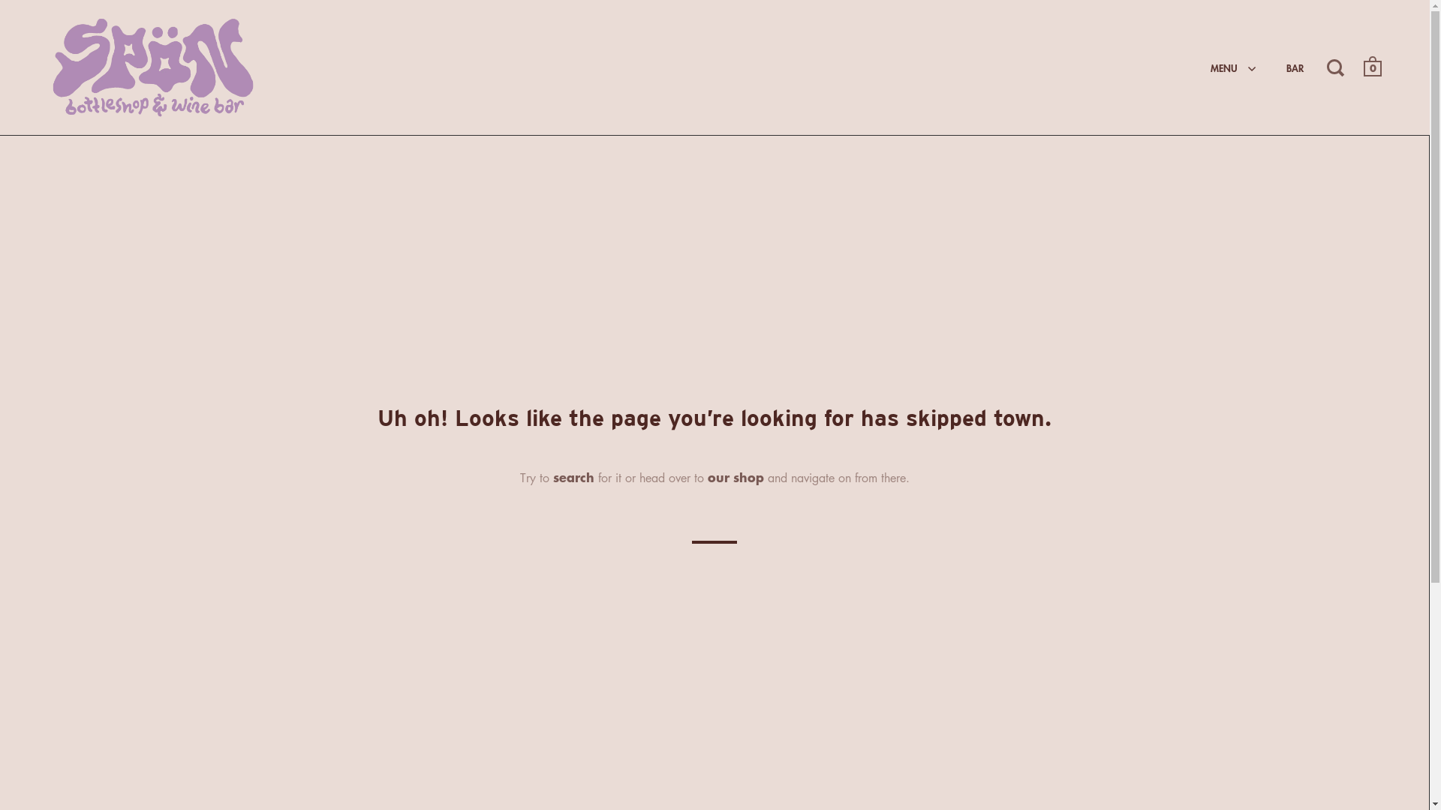  Describe the element at coordinates (735, 476) in the screenshot. I see `'our shop'` at that location.